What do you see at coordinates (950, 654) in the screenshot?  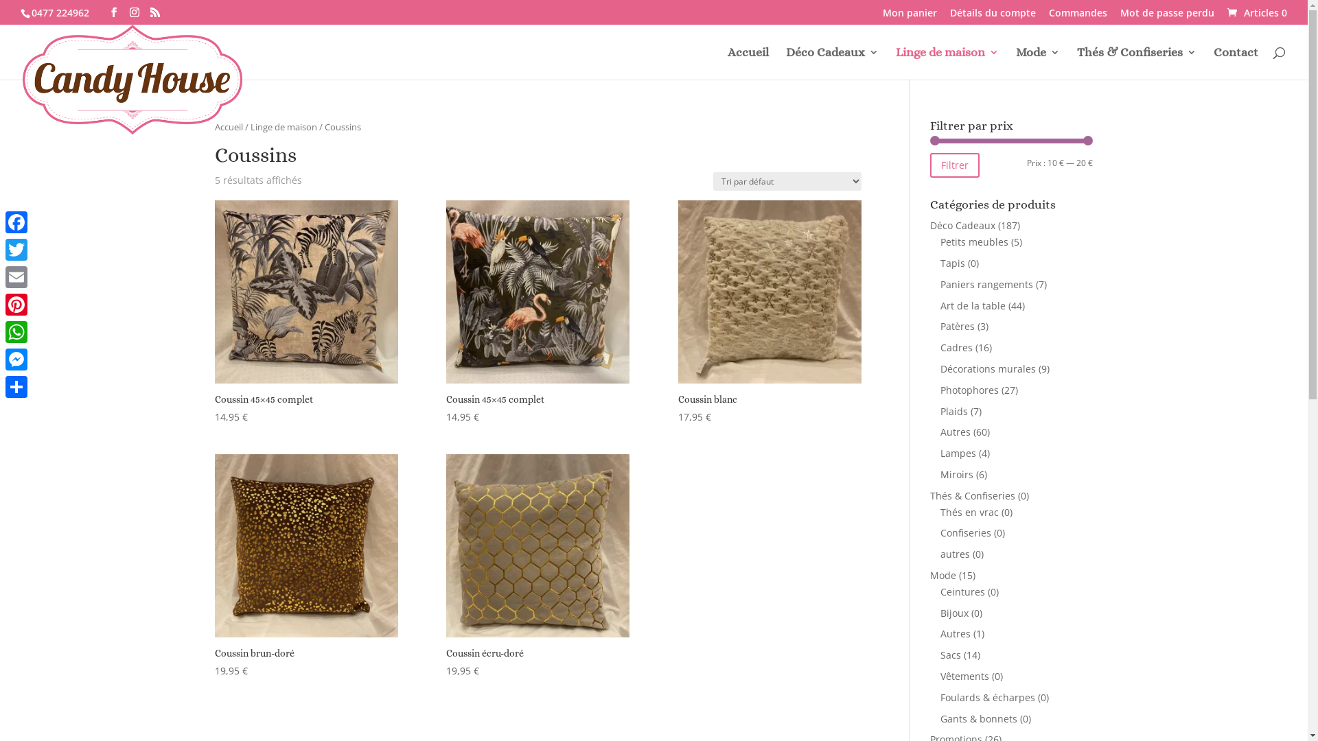 I see `'Sacs'` at bounding box center [950, 654].